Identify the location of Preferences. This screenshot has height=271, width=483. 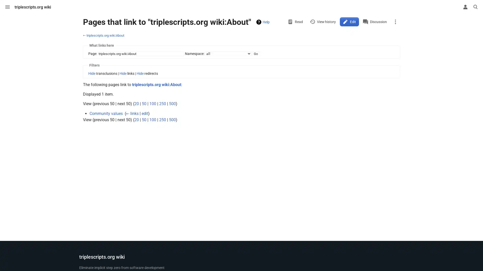
(455, 7).